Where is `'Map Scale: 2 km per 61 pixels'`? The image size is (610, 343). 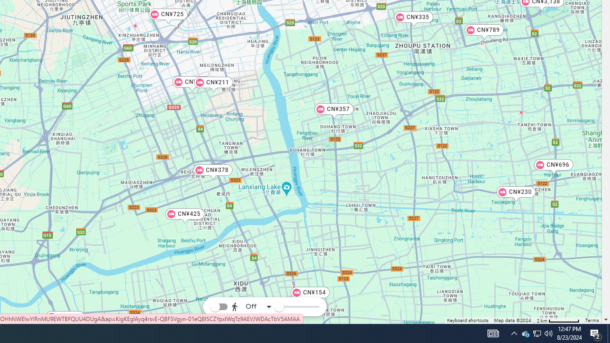
'Map Scale: 2 km per 61 pixels' is located at coordinates (558, 320).